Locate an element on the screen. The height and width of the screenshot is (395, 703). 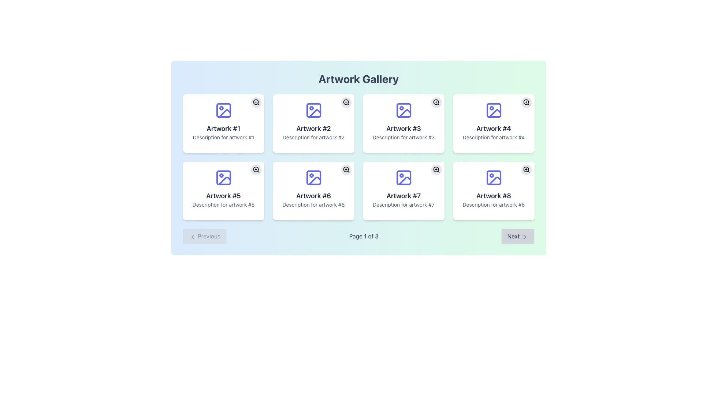
the zoom in icon resembling a magnifying glass with a plus sign, located at the top-right corner of the card labeled 'Artwork #5' is located at coordinates (256, 169).